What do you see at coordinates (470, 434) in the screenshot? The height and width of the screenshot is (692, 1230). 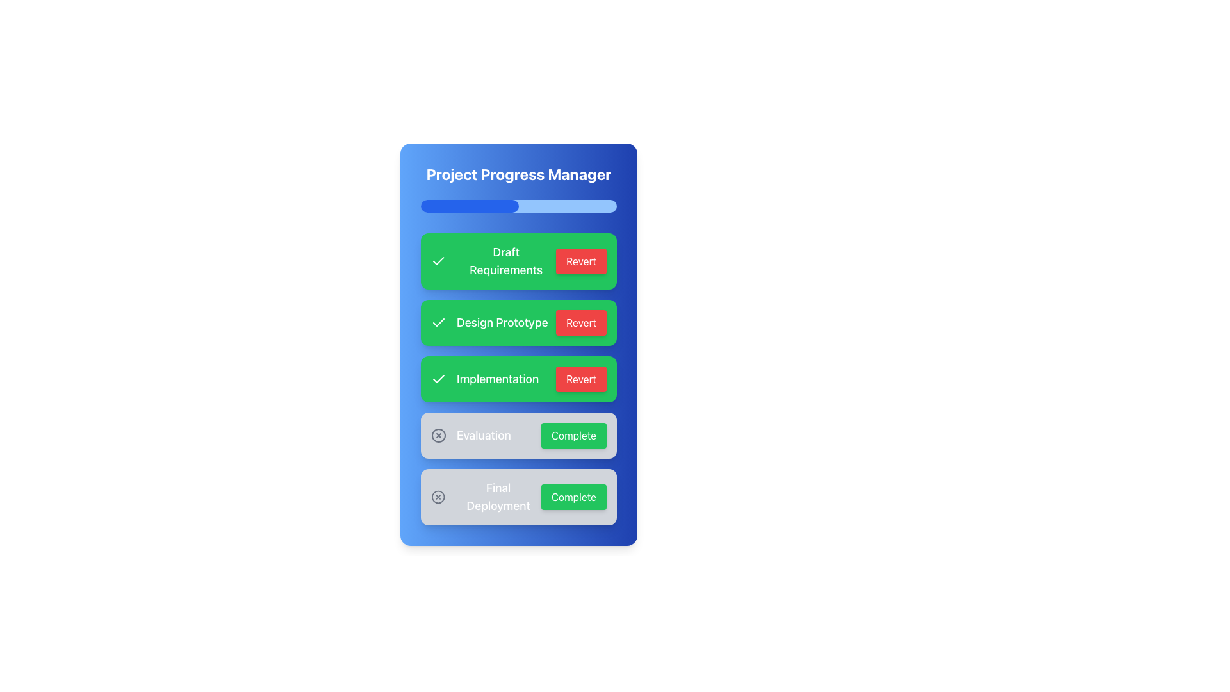 I see `the 'Evaluation' label with the icon, which is located in the fourth task card of the project progress interface, to the left of the 'Complete' button` at bounding box center [470, 434].